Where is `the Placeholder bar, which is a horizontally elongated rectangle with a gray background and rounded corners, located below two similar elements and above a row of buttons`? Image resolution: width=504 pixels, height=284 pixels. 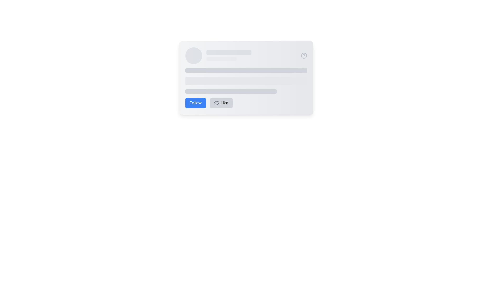
the Placeholder bar, which is a horizontally elongated rectangle with a gray background and rounded corners, located below two similar elements and above a row of buttons is located at coordinates (231, 91).